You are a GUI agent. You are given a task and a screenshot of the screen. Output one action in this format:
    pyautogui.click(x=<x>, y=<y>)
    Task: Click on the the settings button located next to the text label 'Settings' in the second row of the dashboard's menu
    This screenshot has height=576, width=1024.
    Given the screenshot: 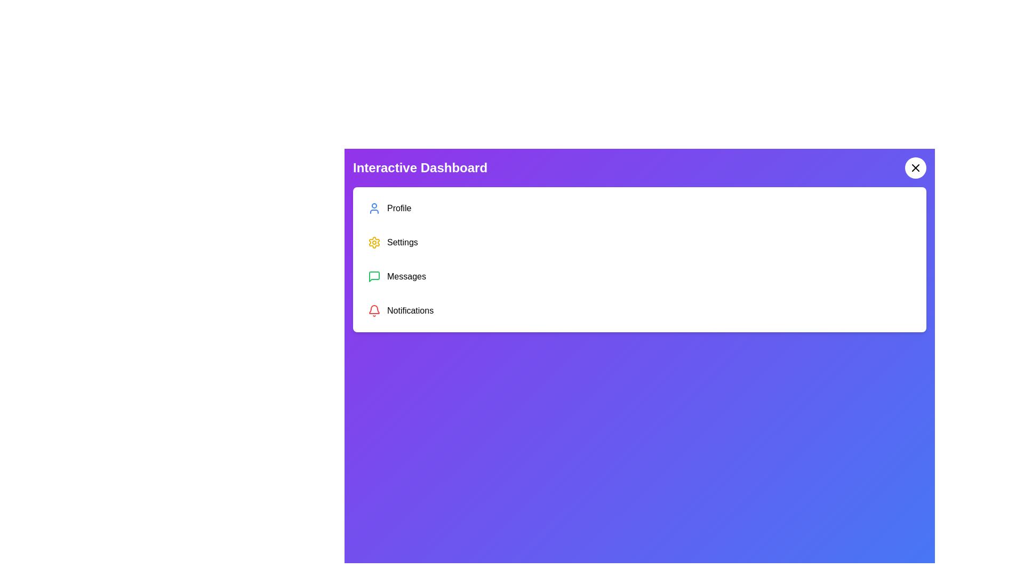 What is the action you would take?
    pyautogui.click(x=374, y=243)
    